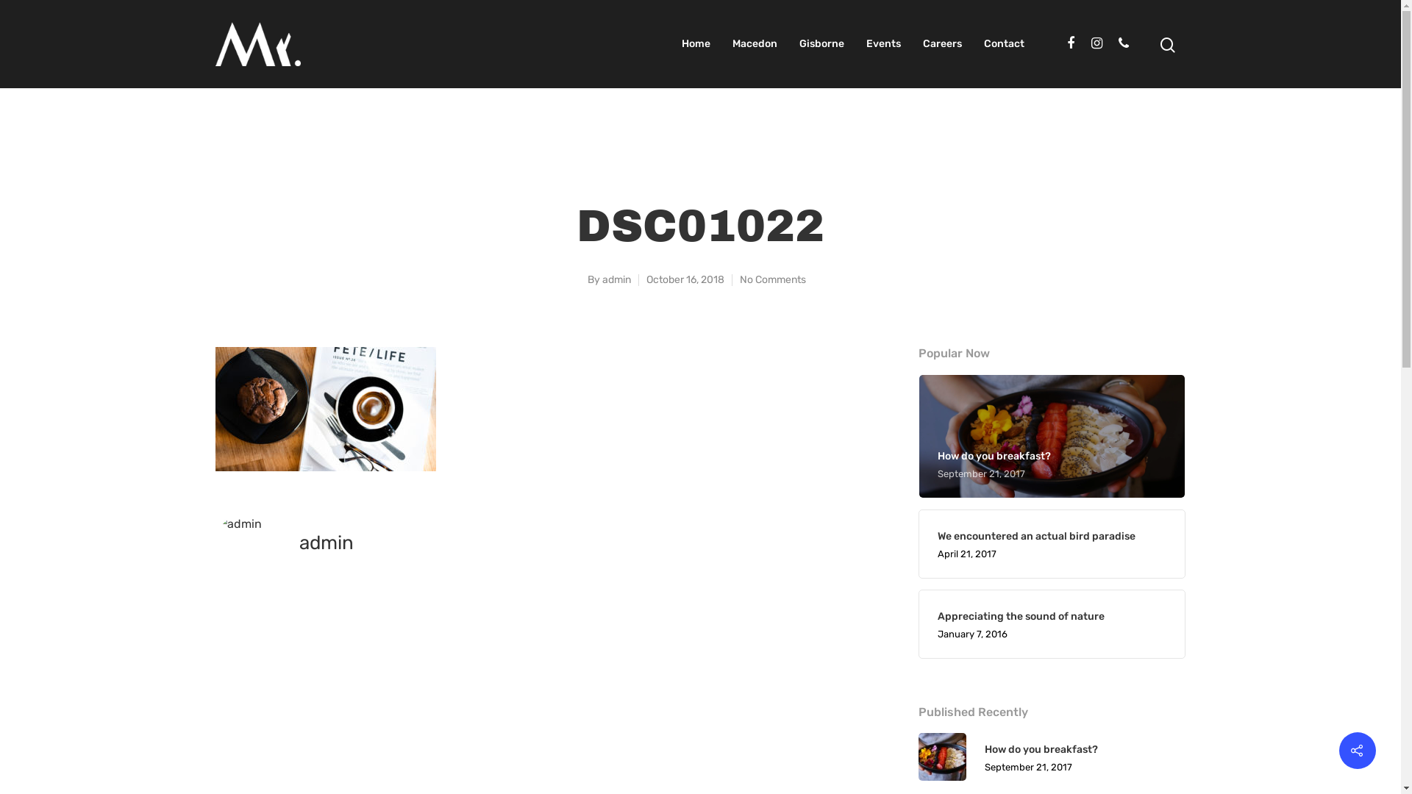 The height and width of the screenshot is (794, 1412). I want to click on 'Macedon', so click(755, 43).